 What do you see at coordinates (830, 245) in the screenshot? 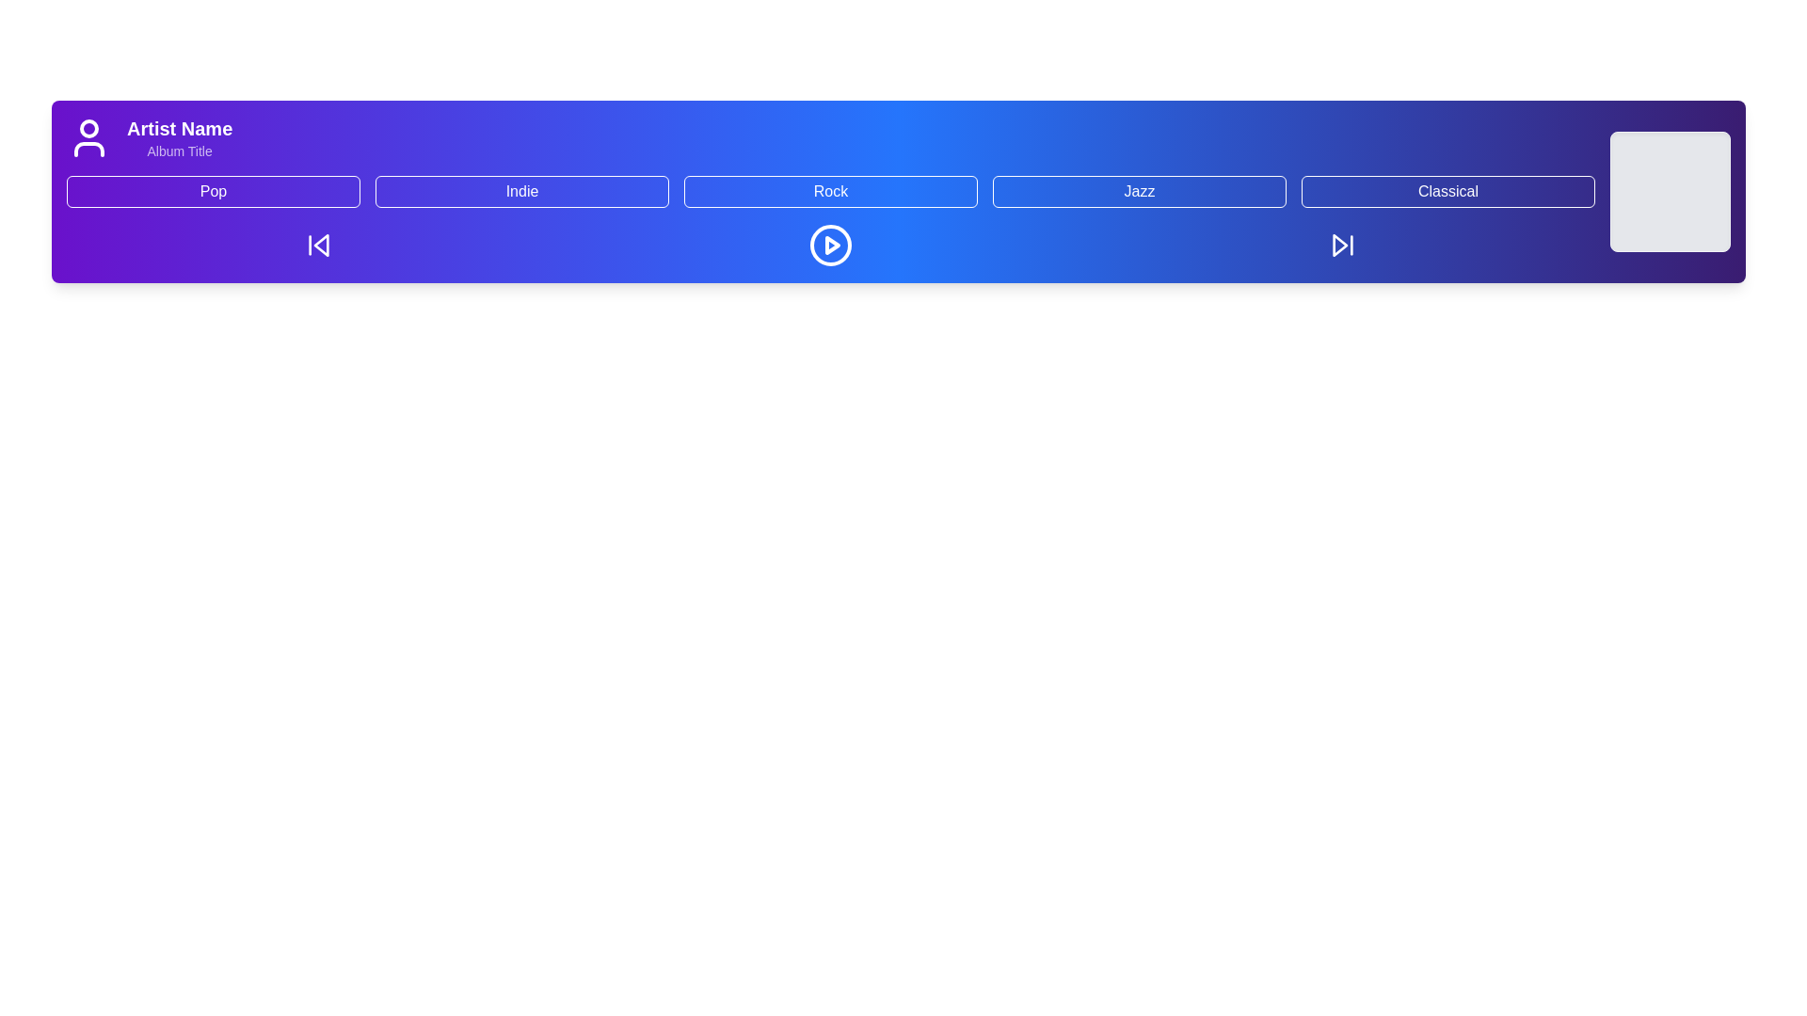
I see `the Media control bar located beneath the genre selection options` at bounding box center [830, 245].